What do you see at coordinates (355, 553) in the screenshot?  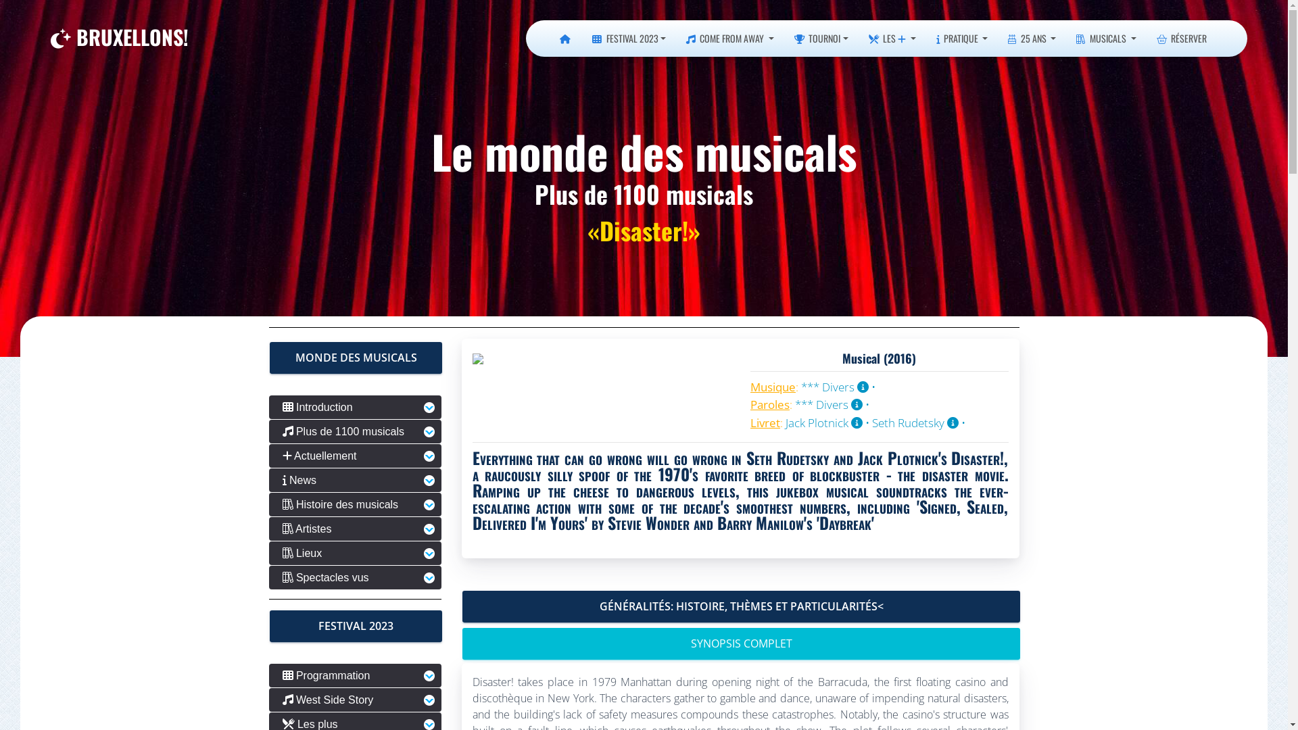 I see `'Lieux'` at bounding box center [355, 553].